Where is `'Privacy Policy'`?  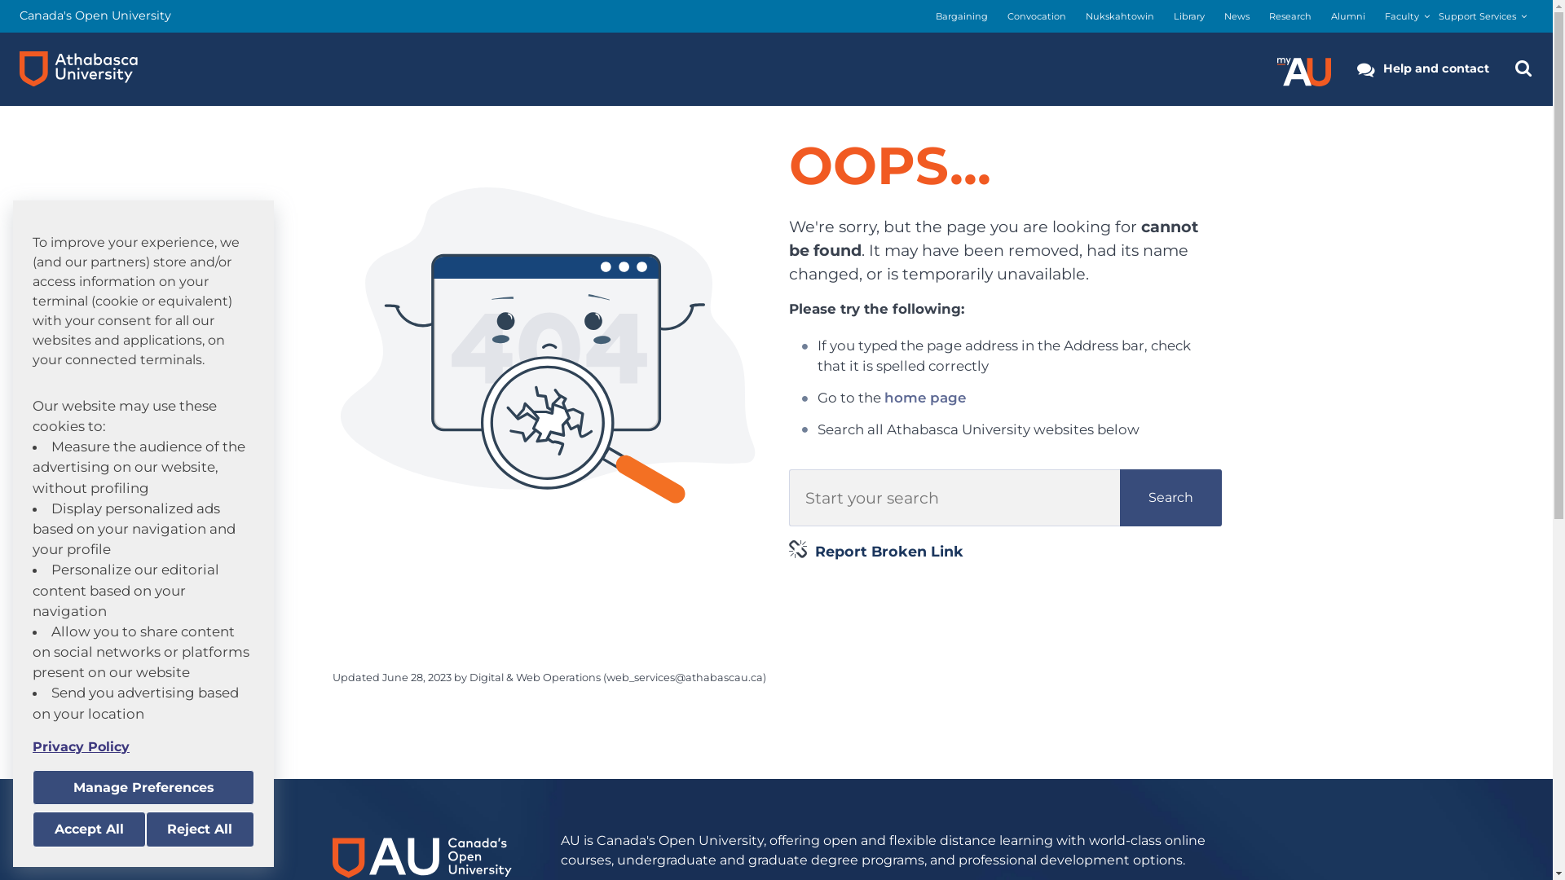
'Privacy Policy' is located at coordinates (143, 747).